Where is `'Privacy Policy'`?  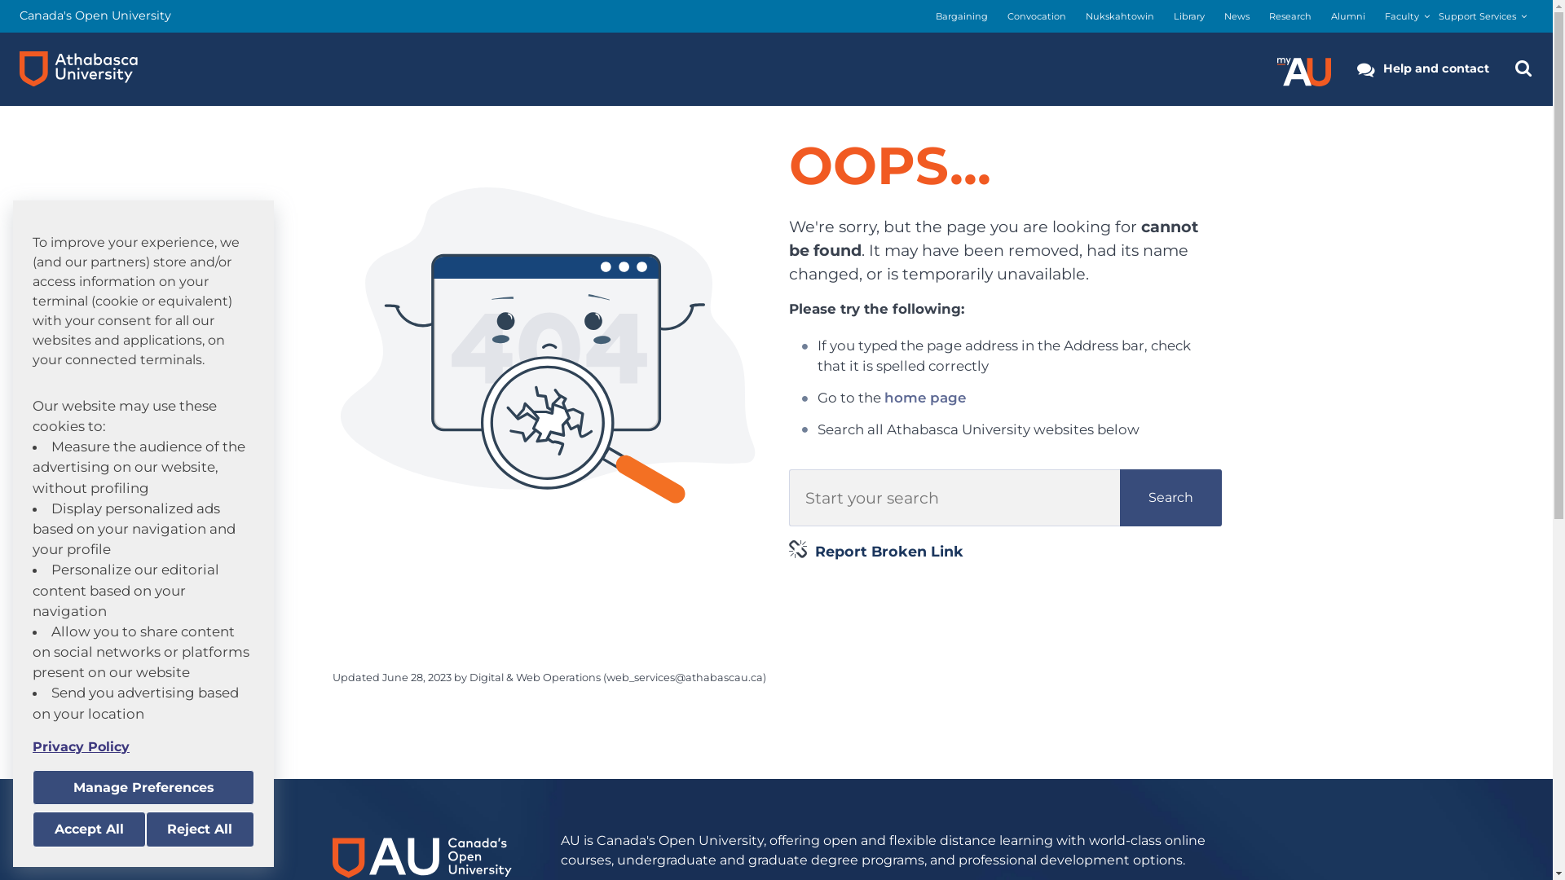
'Privacy Policy' is located at coordinates (143, 747).